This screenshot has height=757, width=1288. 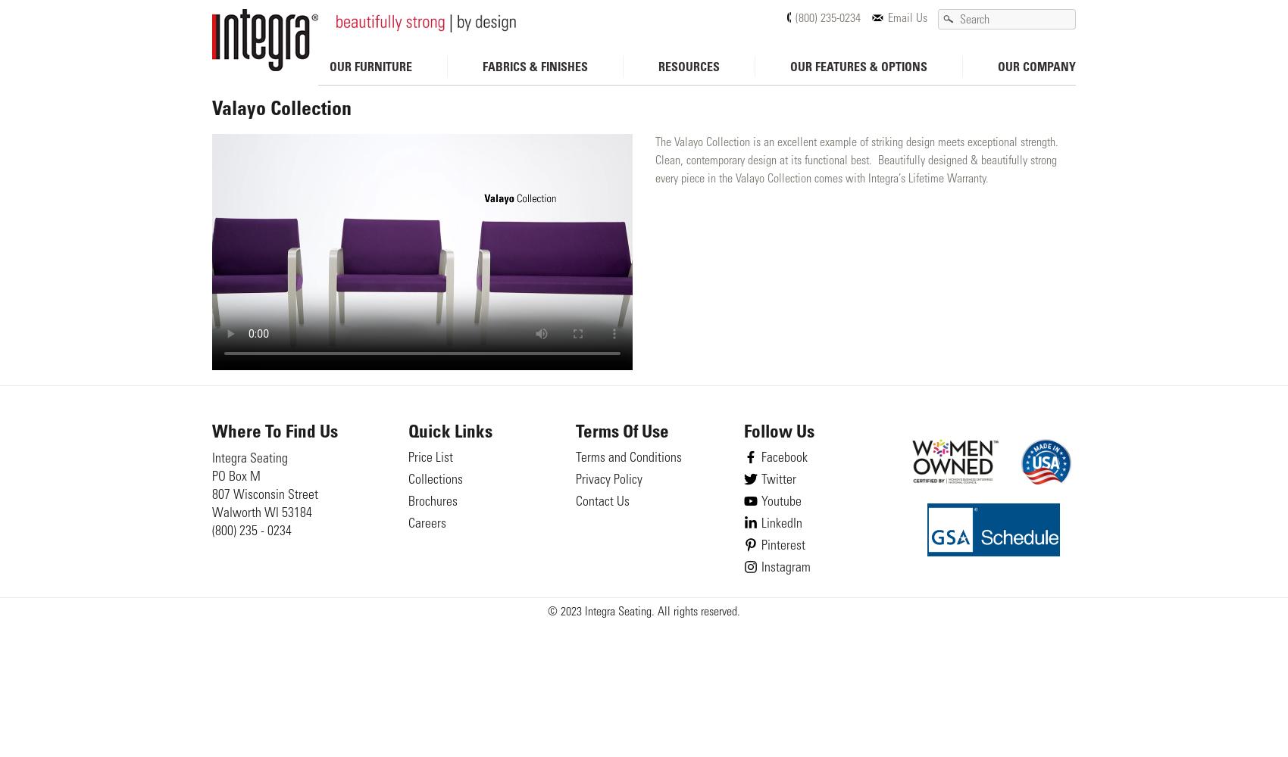 I want to click on 'Collections', so click(x=433, y=481).